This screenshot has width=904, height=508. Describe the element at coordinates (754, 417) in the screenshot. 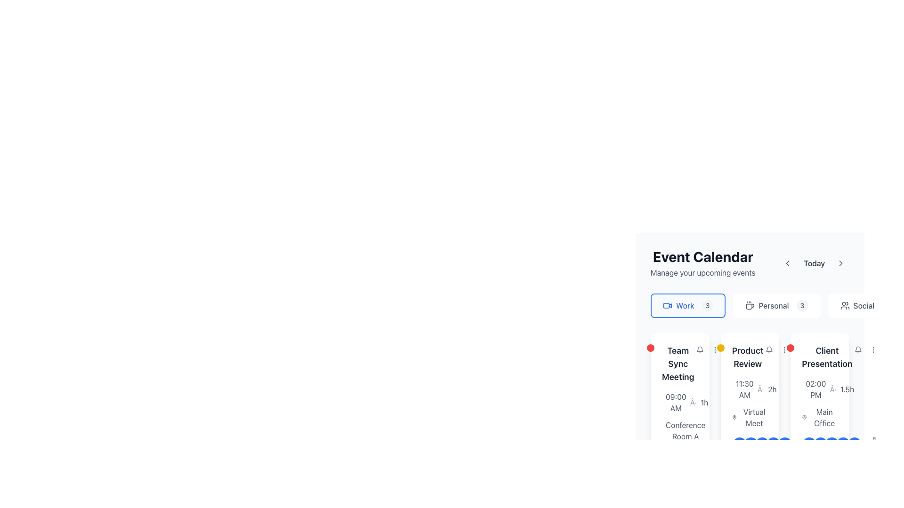

I see `the text label providing context for the 'Product Review' event` at that location.